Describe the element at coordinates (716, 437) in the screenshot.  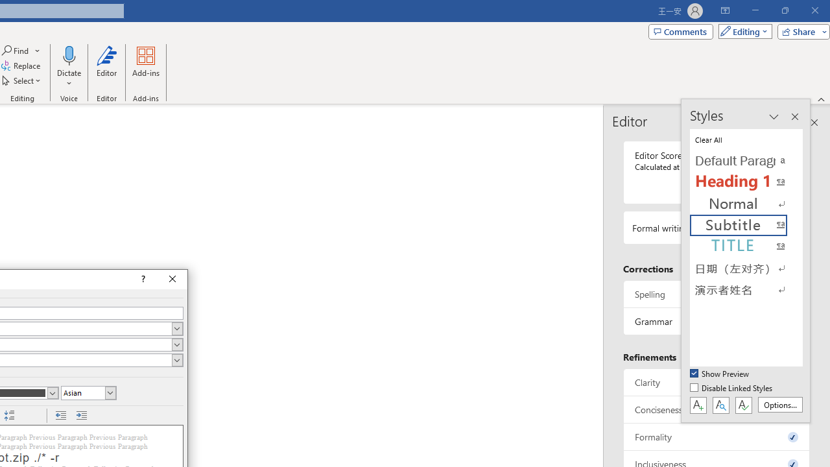
I see `'Formality, 0 issues. Press space or enter to review items.'` at that location.